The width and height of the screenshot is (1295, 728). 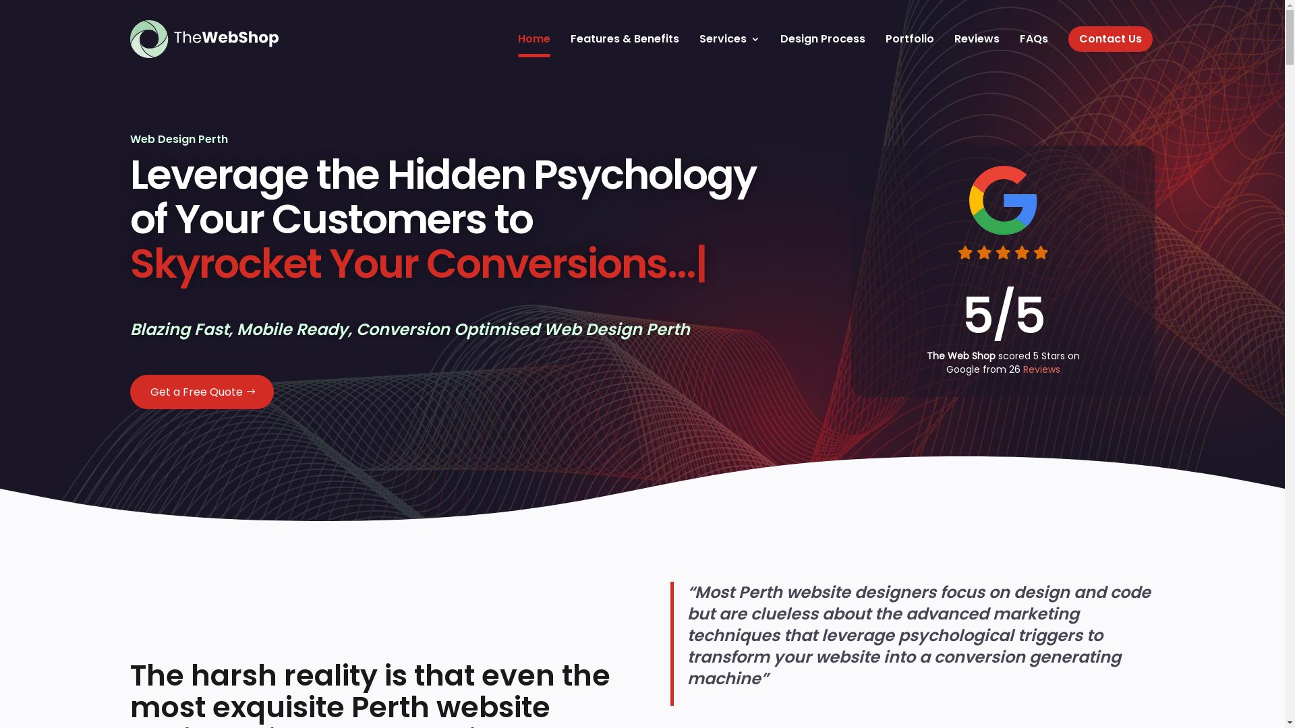 I want to click on 'FAQs', so click(x=1033, y=38).